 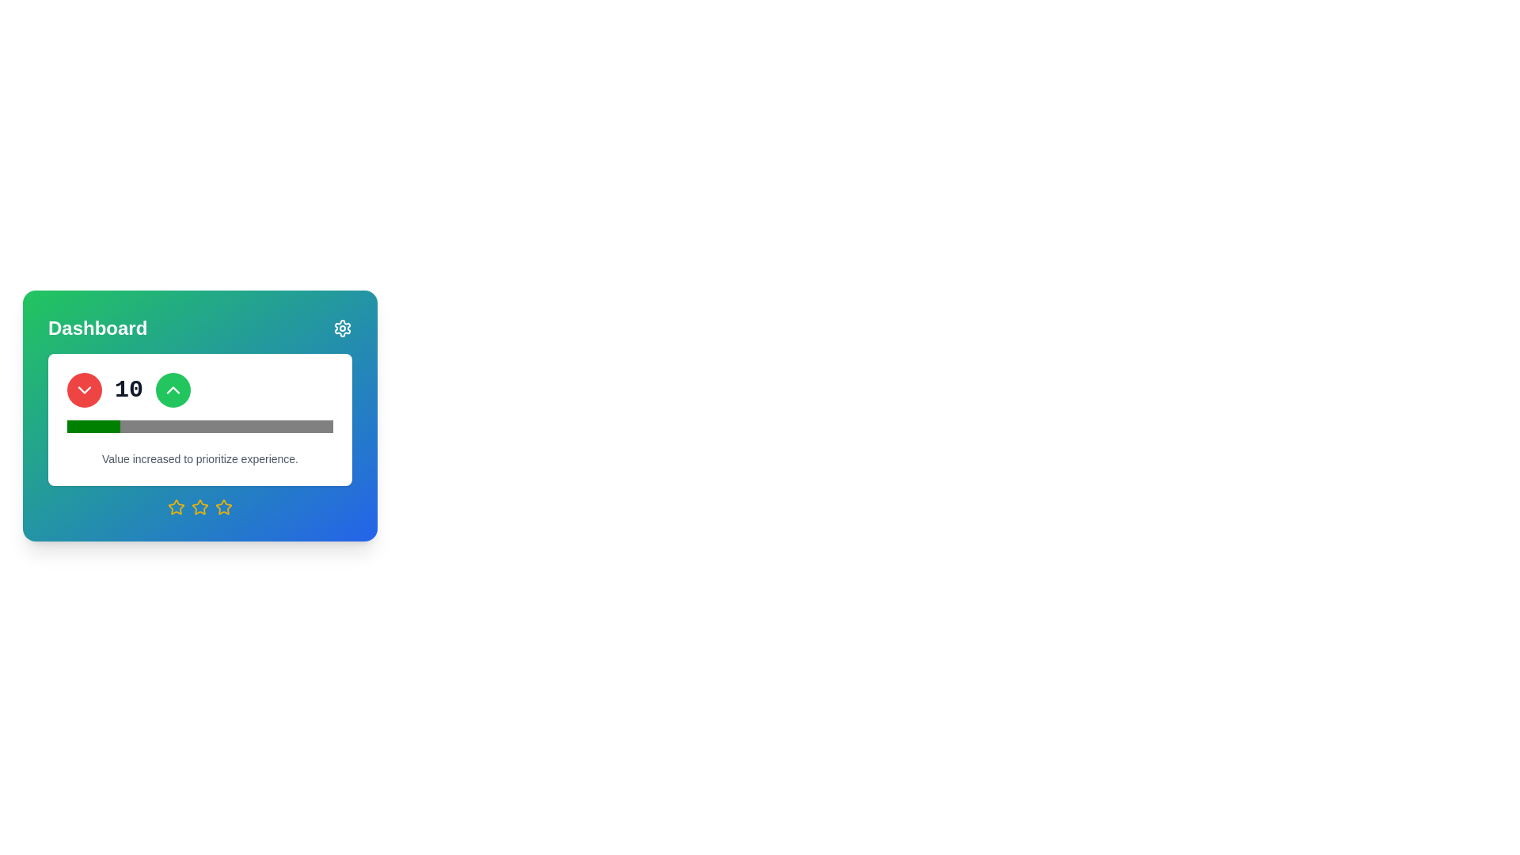 I want to click on the fourth star icon located at the bottom center of the dashboard panel, which serves a decorative or rating function, so click(x=223, y=507).